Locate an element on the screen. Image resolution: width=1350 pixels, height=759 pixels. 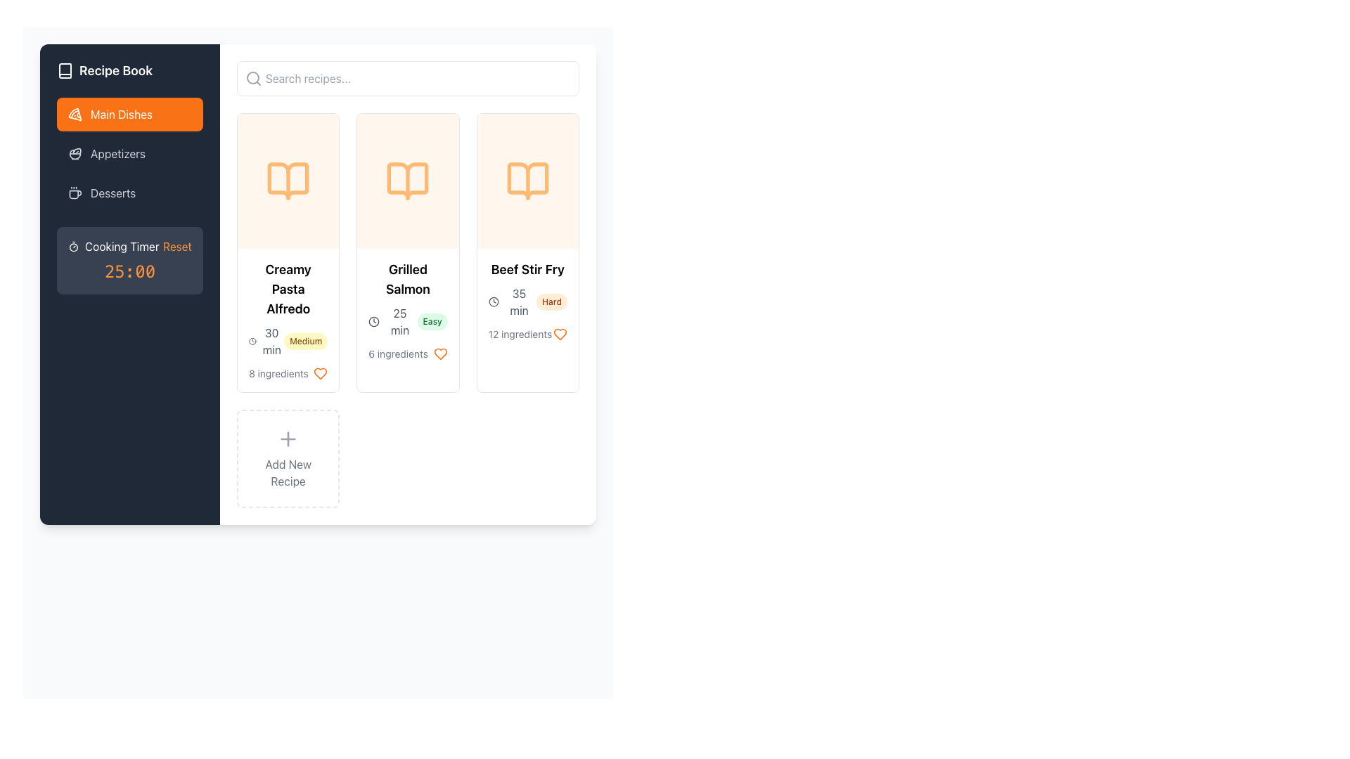
the title label for the recipes section located in the top-left section of the application interface, immediately to the right of the book icon is located at coordinates (116, 70).